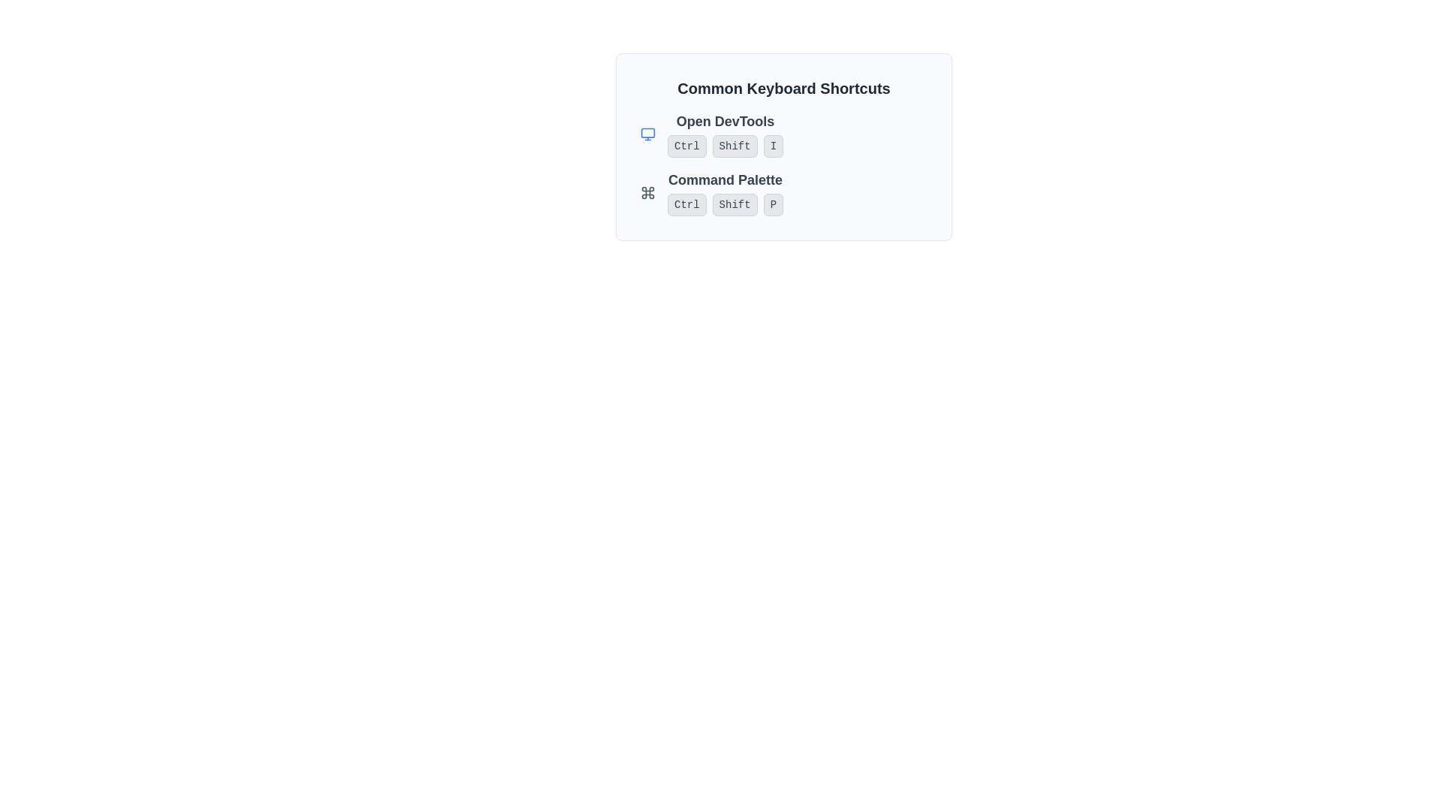 The width and height of the screenshot is (1442, 811). What do you see at coordinates (686, 205) in the screenshot?
I see `the 'Ctrl' keyboard key component, which is a rectangular button with gray background and dark gray text in a monospaced font, located in the 'Command Palette' section of the 'Common Keyboard Shortcuts' panel` at bounding box center [686, 205].